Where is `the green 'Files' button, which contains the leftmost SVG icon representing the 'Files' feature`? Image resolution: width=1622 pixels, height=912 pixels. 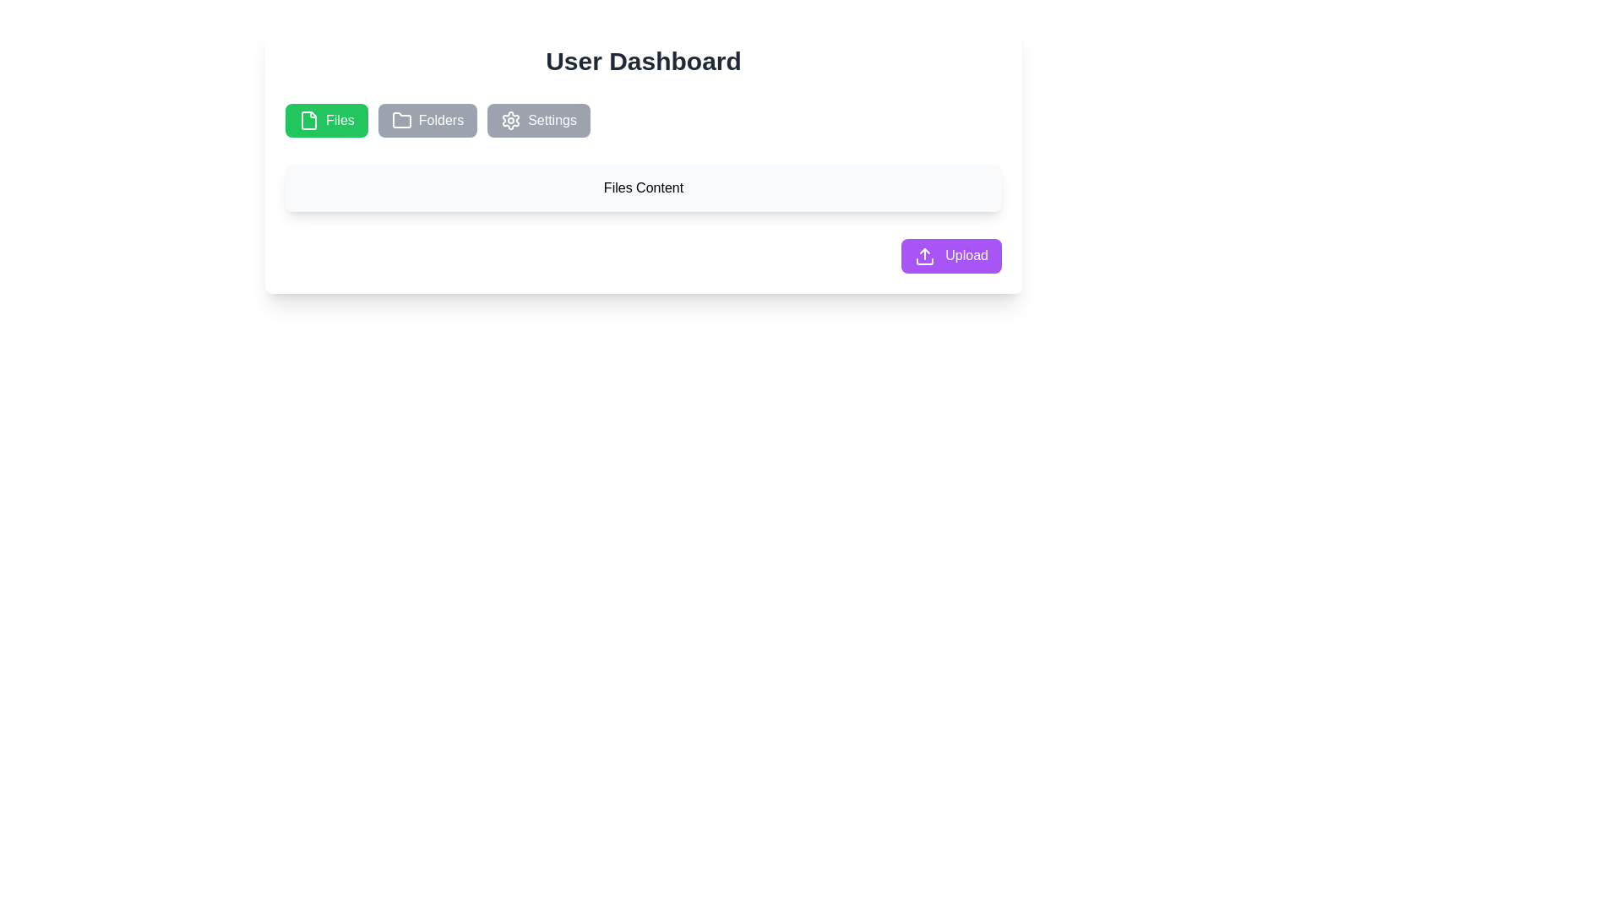 the green 'Files' button, which contains the leftmost SVG icon representing the 'Files' feature is located at coordinates (308, 119).